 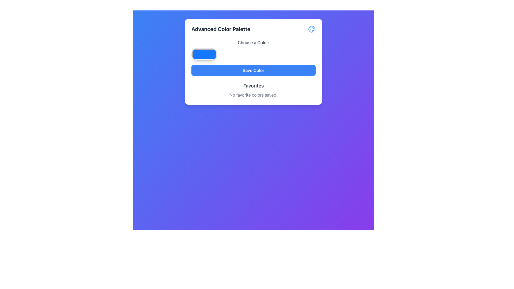 I want to click on the color picker element styled as a rounded button located in the upper middle section of the modal, positioned after the 'Advanced Color Palette' header, so click(x=253, y=50).